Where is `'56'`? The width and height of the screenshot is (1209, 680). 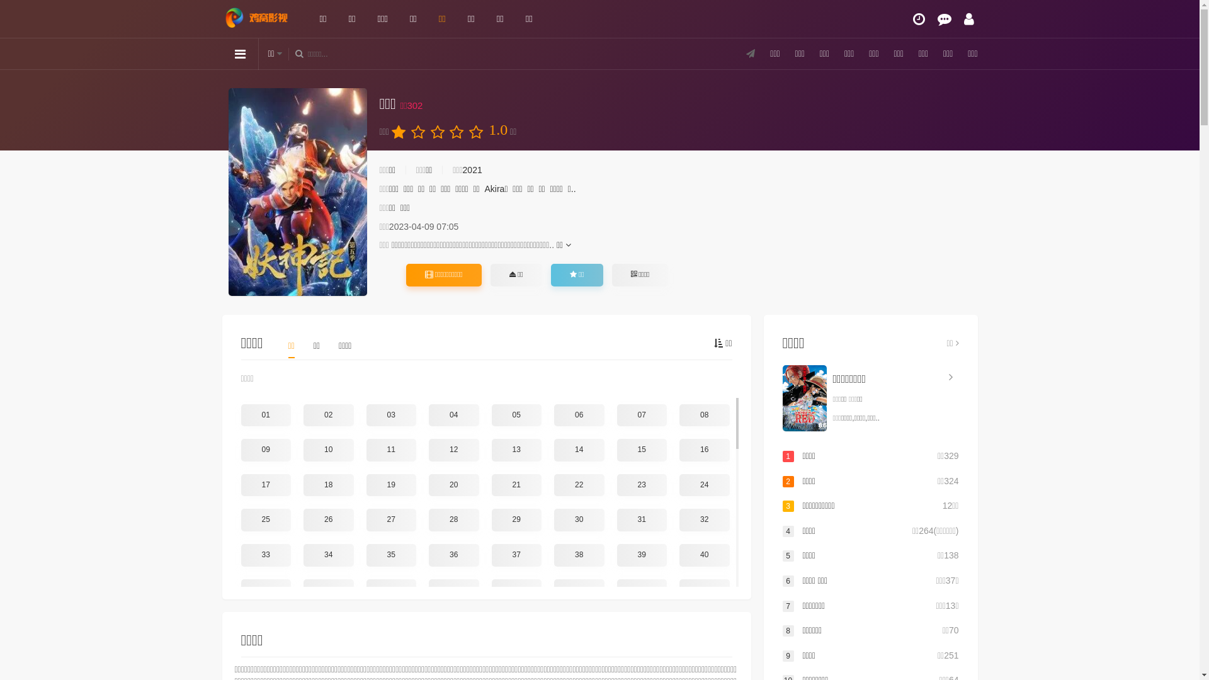
'56' is located at coordinates (703, 625).